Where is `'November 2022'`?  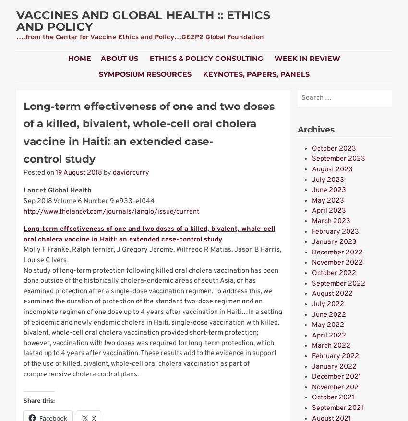 'November 2022' is located at coordinates (337, 263).